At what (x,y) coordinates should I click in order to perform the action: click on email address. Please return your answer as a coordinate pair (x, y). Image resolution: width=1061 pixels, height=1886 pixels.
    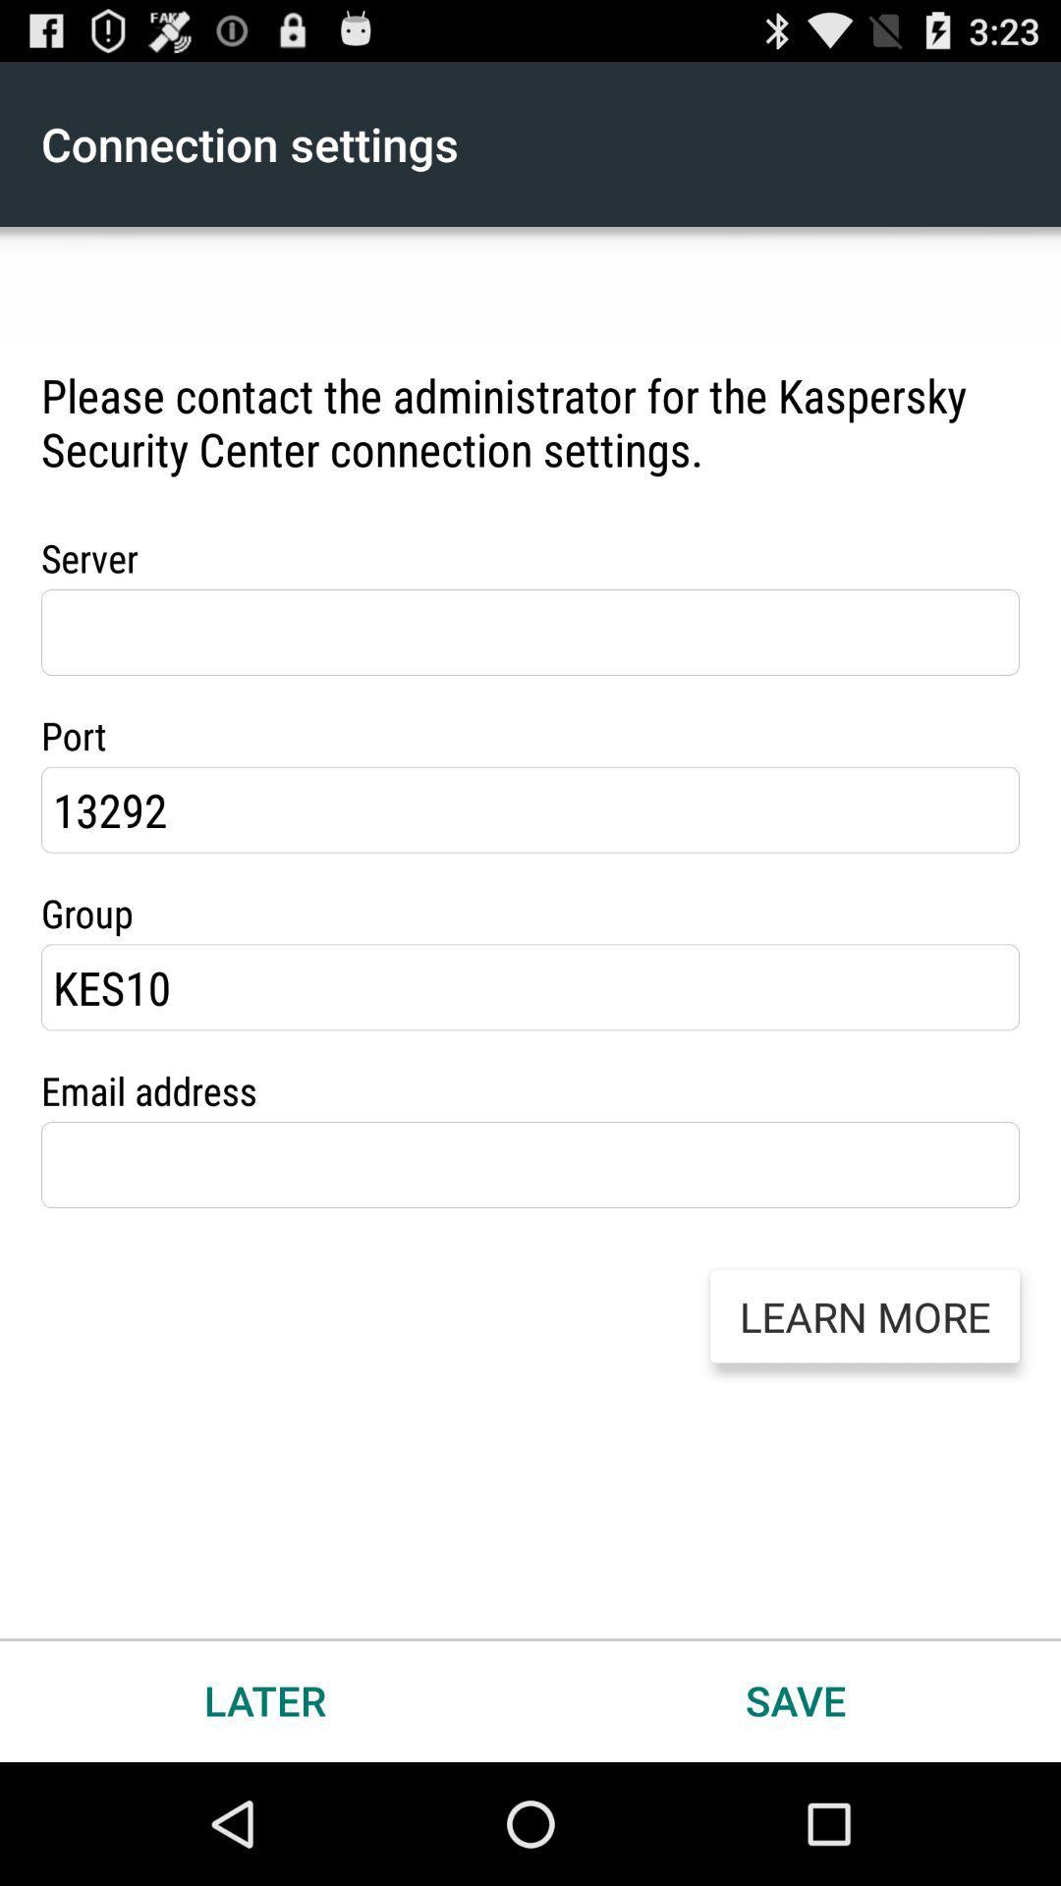
    Looking at the image, I should click on (530, 1165).